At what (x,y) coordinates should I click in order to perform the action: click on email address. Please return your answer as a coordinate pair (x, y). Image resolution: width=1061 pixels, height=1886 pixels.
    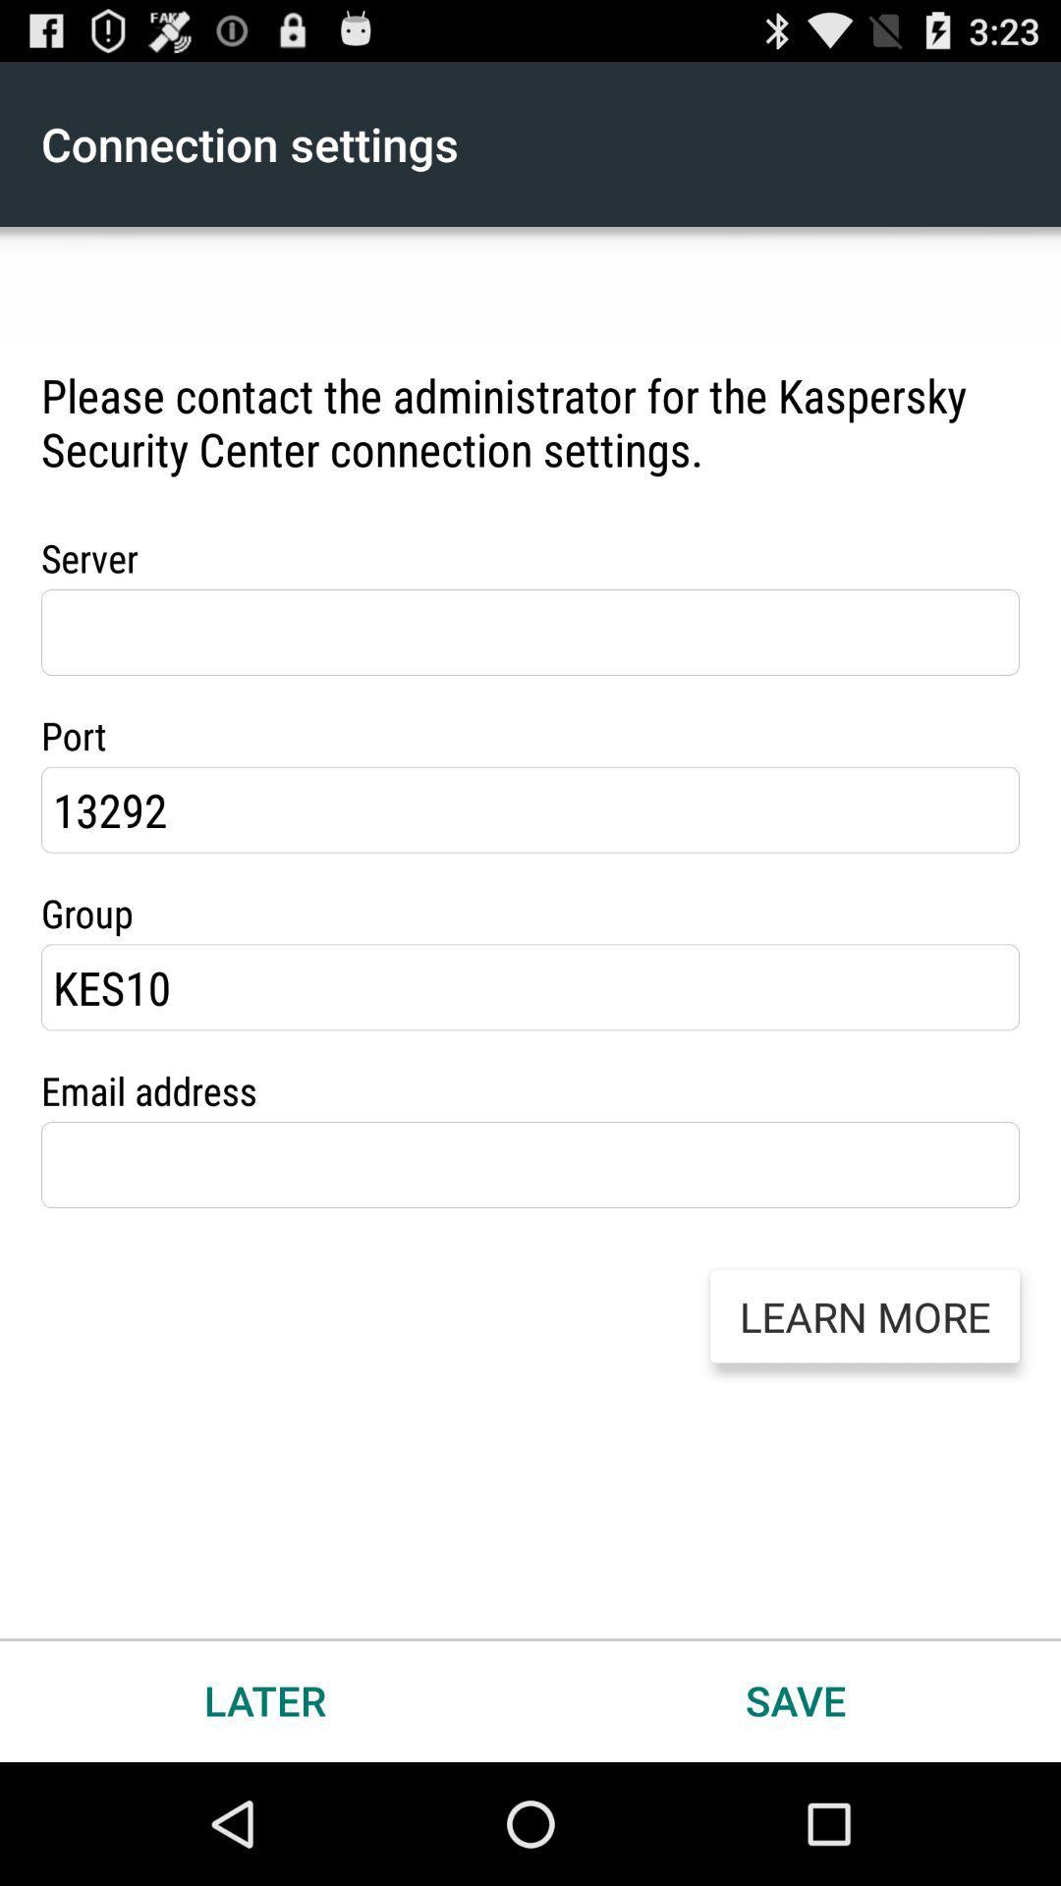
    Looking at the image, I should click on (530, 1165).